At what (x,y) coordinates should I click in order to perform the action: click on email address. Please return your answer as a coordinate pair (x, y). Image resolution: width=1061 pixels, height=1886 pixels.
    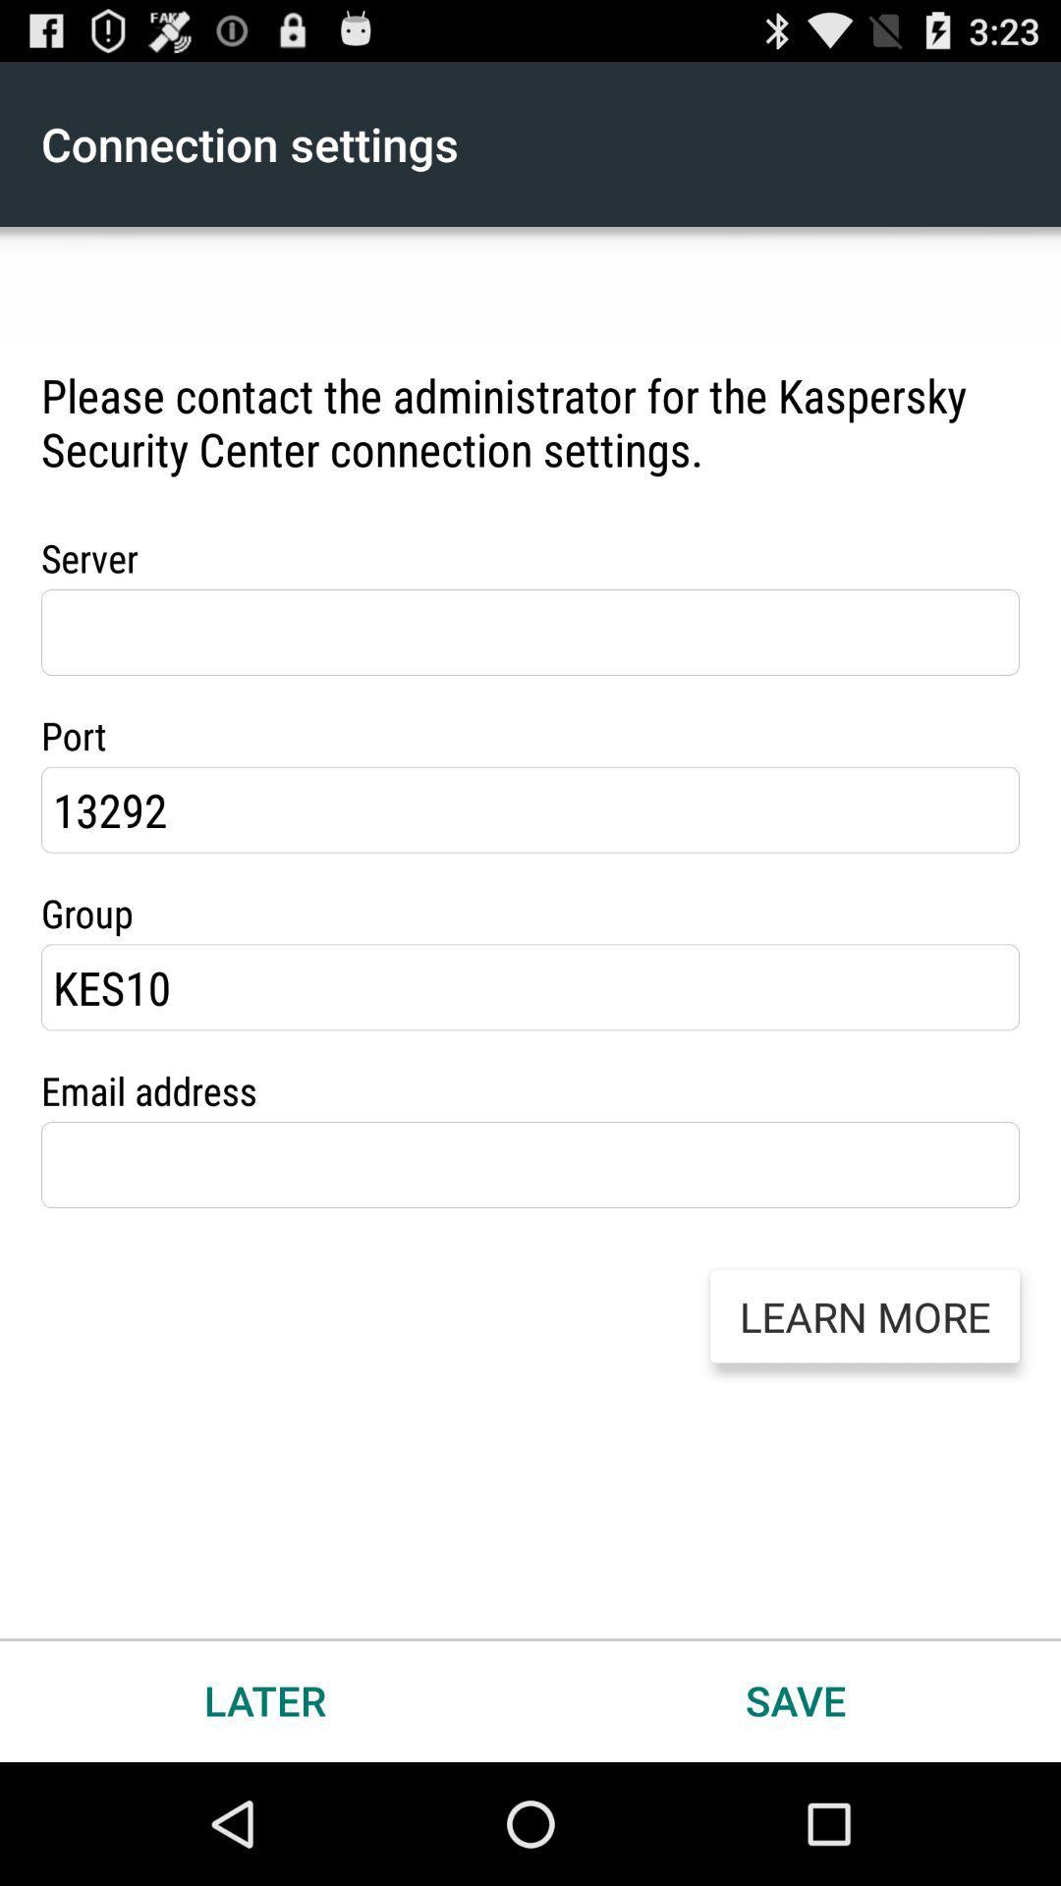
    Looking at the image, I should click on (530, 1165).